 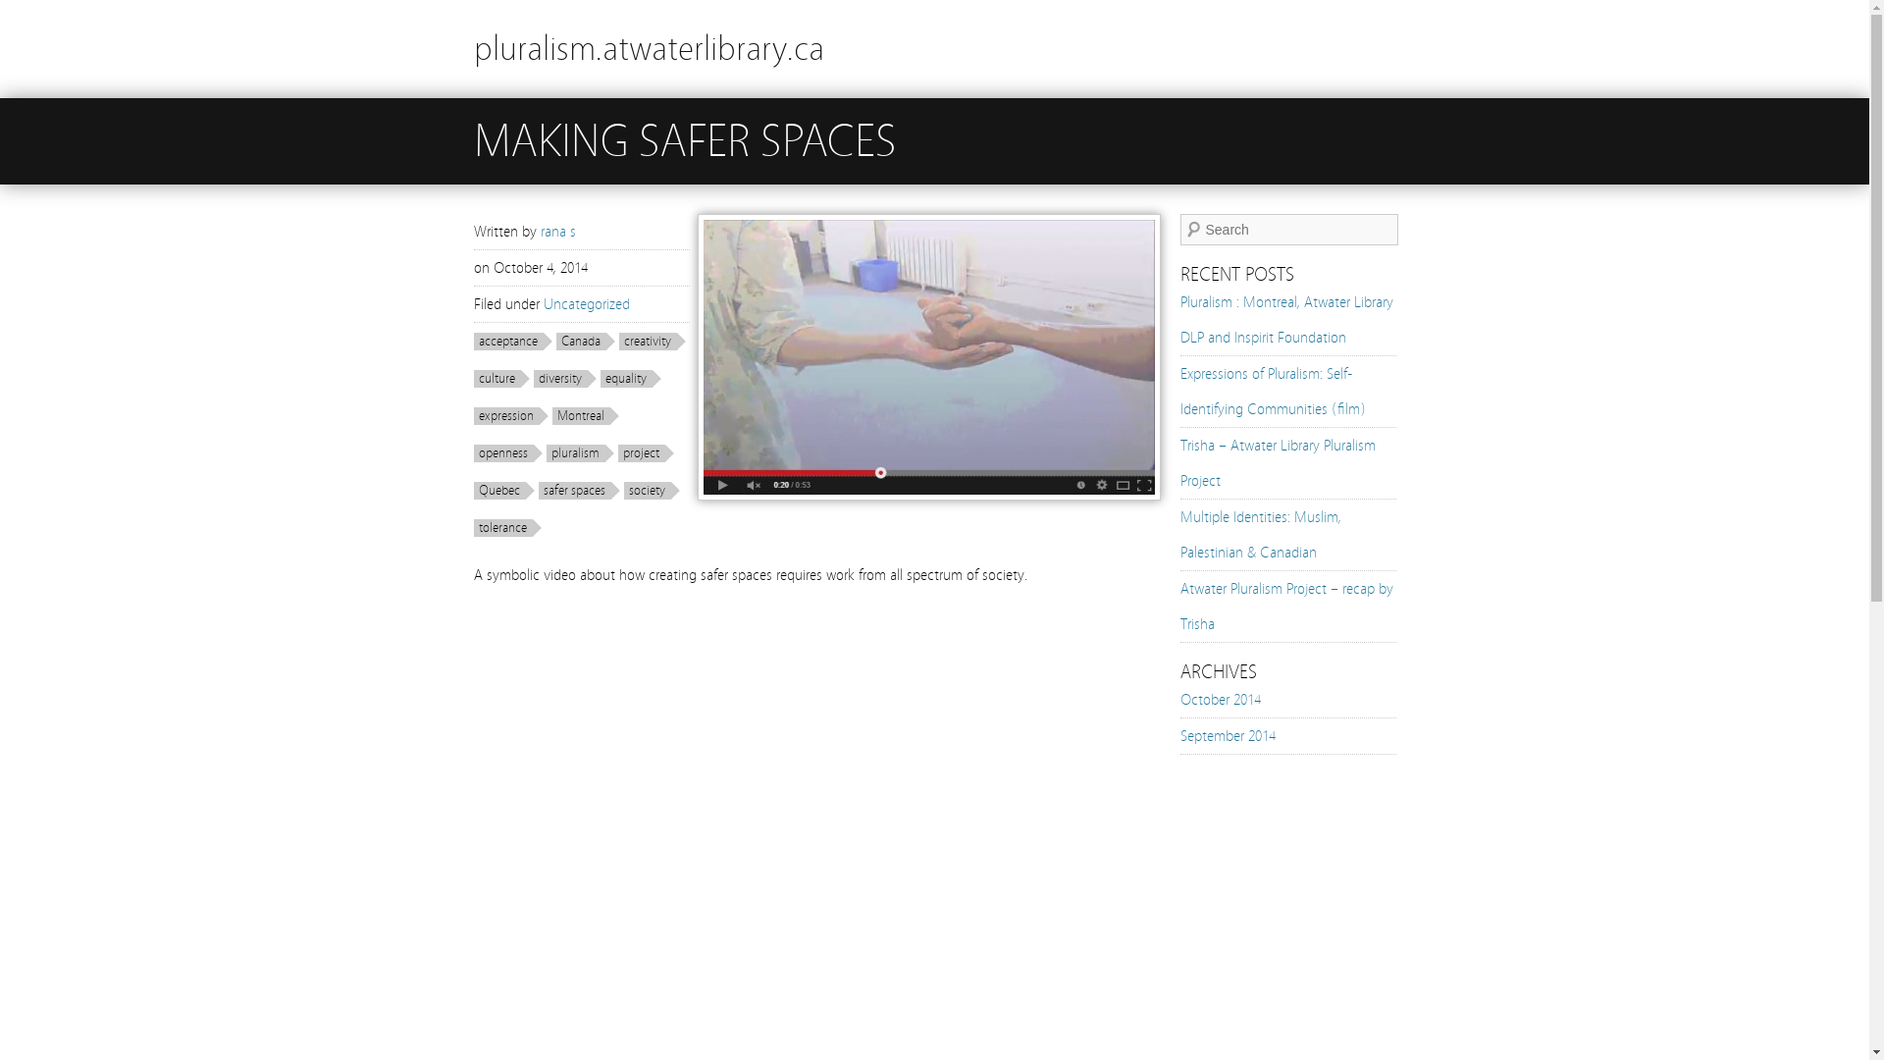 What do you see at coordinates (651, 340) in the screenshot?
I see `'creativity'` at bounding box center [651, 340].